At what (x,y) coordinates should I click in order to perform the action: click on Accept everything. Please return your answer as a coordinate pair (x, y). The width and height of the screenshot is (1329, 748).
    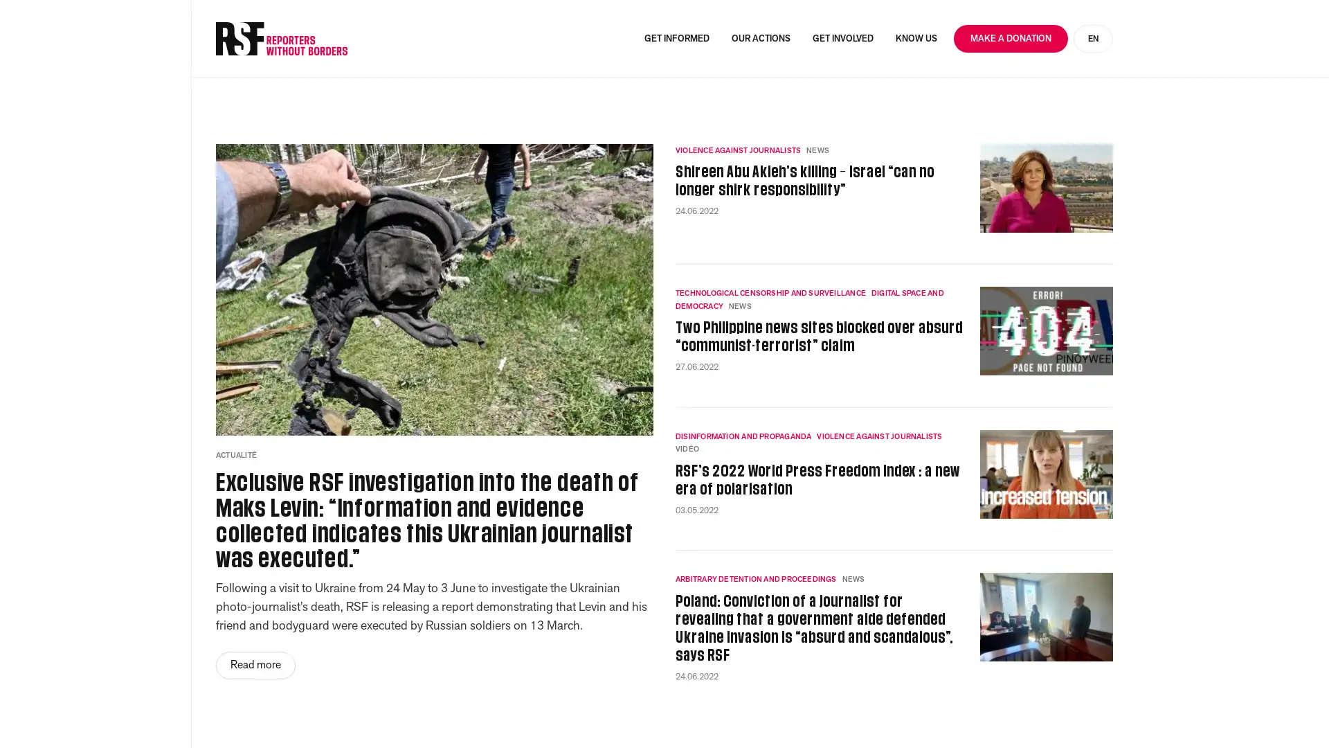
    Looking at the image, I should click on (840, 712).